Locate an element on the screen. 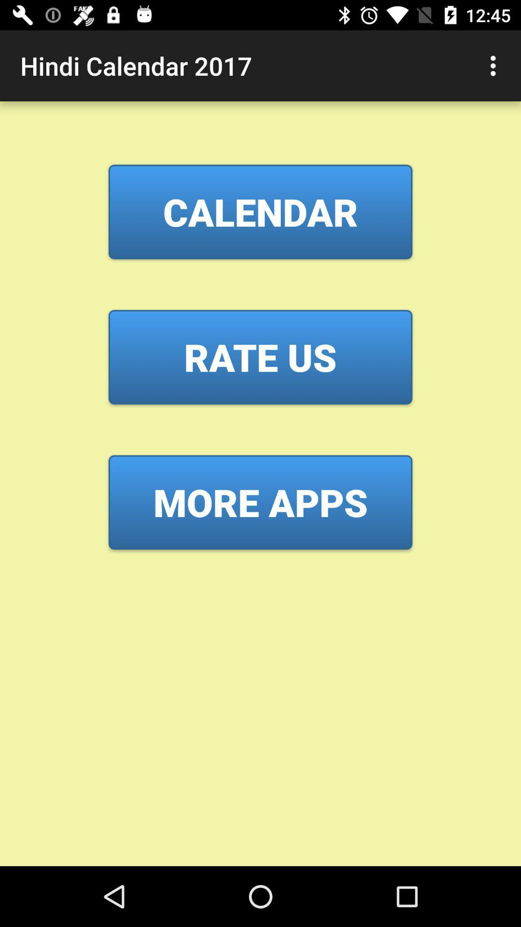 This screenshot has height=927, width=521. the icon above more apps is located at coordinates (260, 356).